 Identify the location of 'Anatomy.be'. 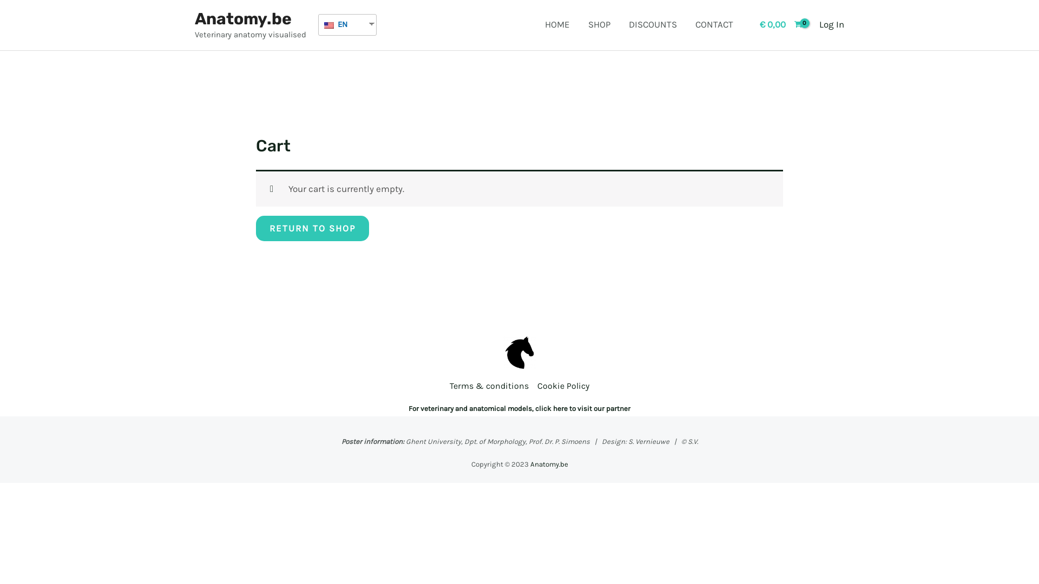
(549, 463).